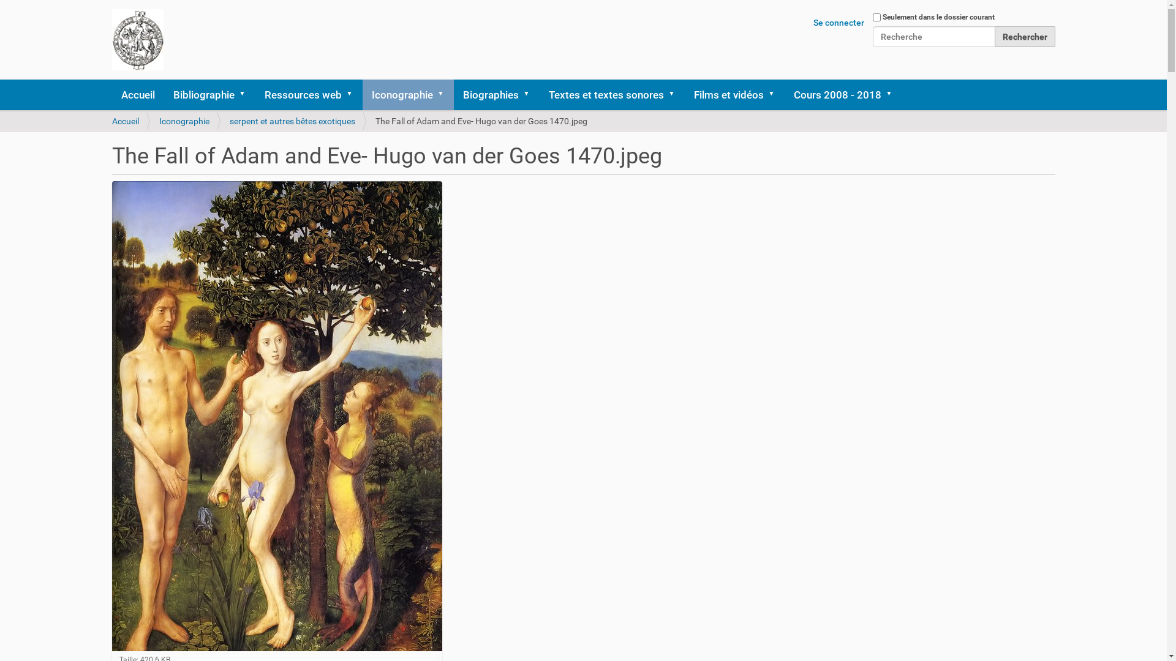 This screenshot has height=661, width=1176. Describe the element at coordinates (1025, 36) in the screenshot. I see `'Rechercher'` at that location.